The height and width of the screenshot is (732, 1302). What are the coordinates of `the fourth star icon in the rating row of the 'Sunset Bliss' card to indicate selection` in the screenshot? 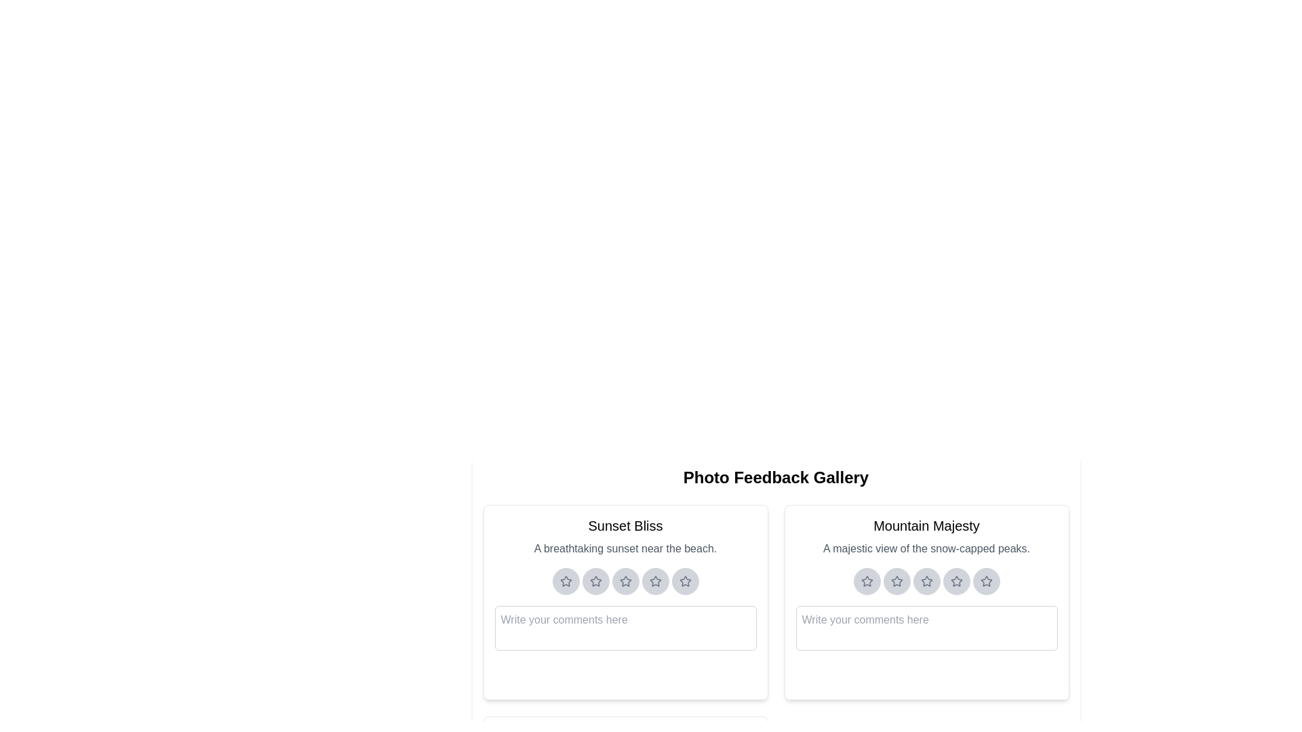 It's located at (655, 580).